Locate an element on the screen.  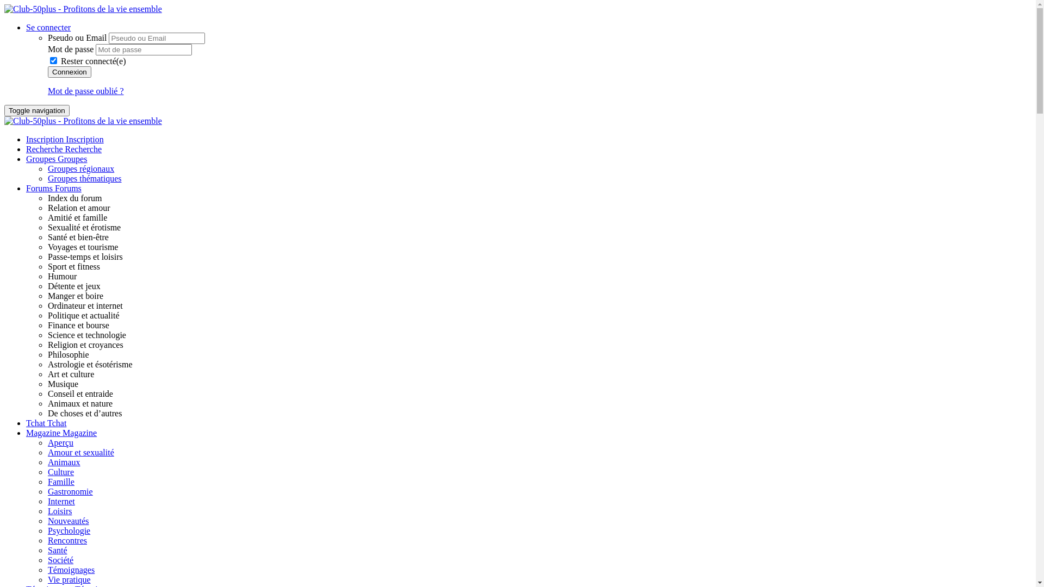
'Art et culture' is located at coordinates (70, 373).